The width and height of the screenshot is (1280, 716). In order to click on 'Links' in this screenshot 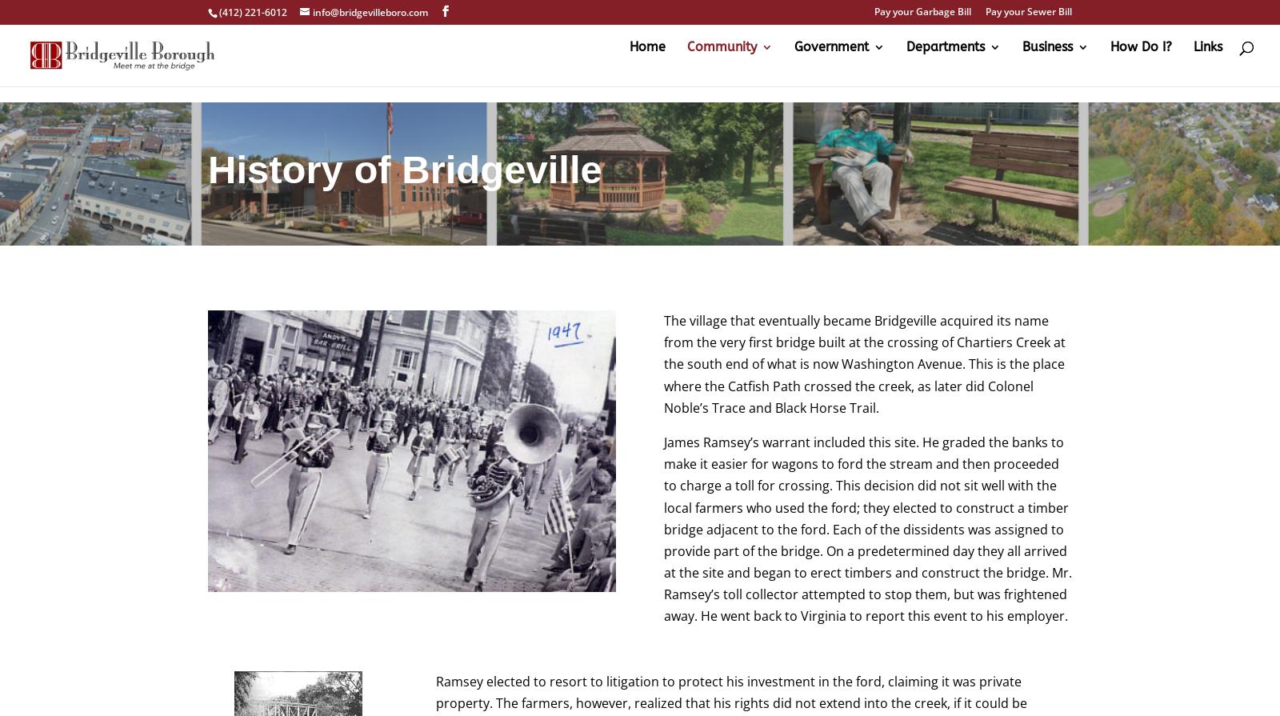, I will do `click(1194, 63)`.